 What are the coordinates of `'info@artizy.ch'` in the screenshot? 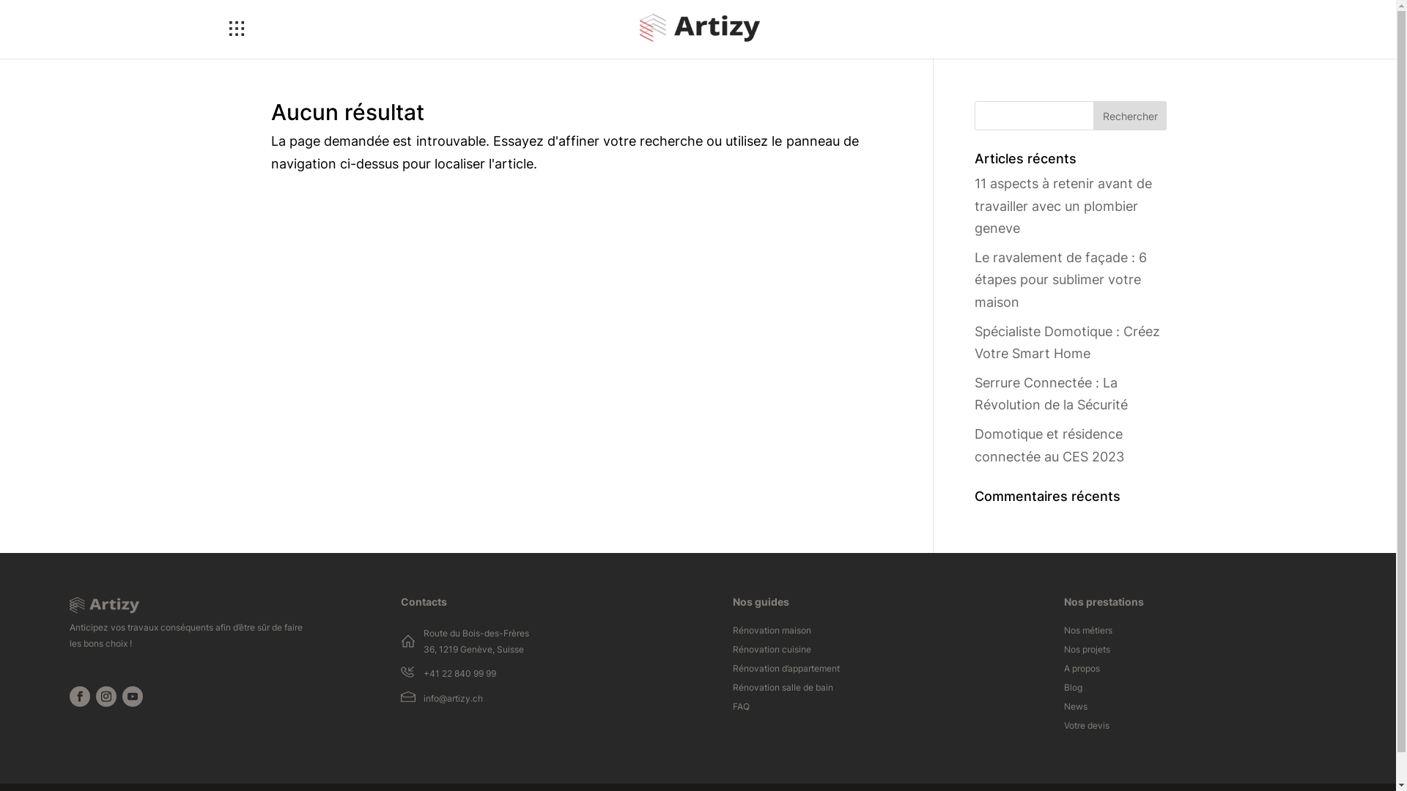 It's located at (452, 697).